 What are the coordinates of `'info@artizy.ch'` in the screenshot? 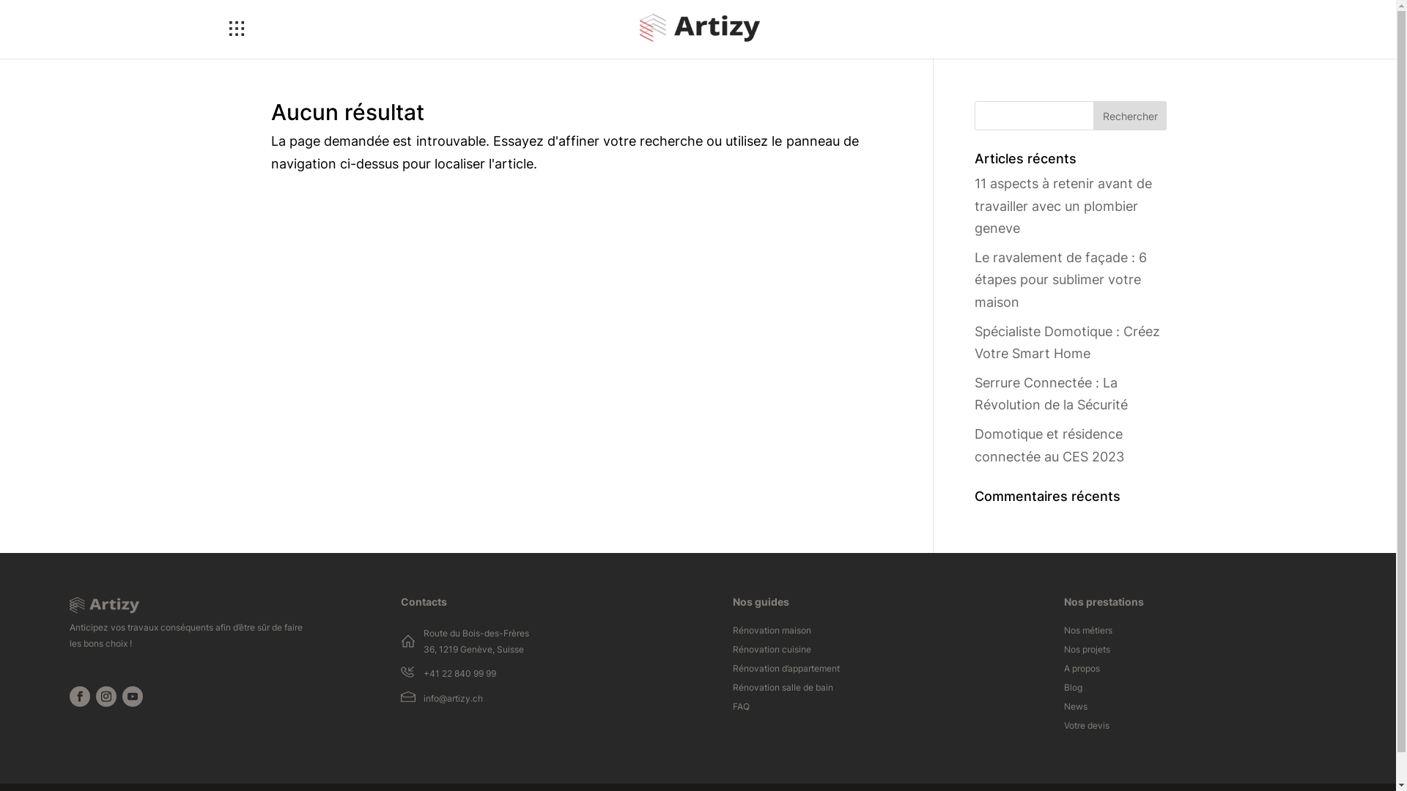 It's located at (452, 697).